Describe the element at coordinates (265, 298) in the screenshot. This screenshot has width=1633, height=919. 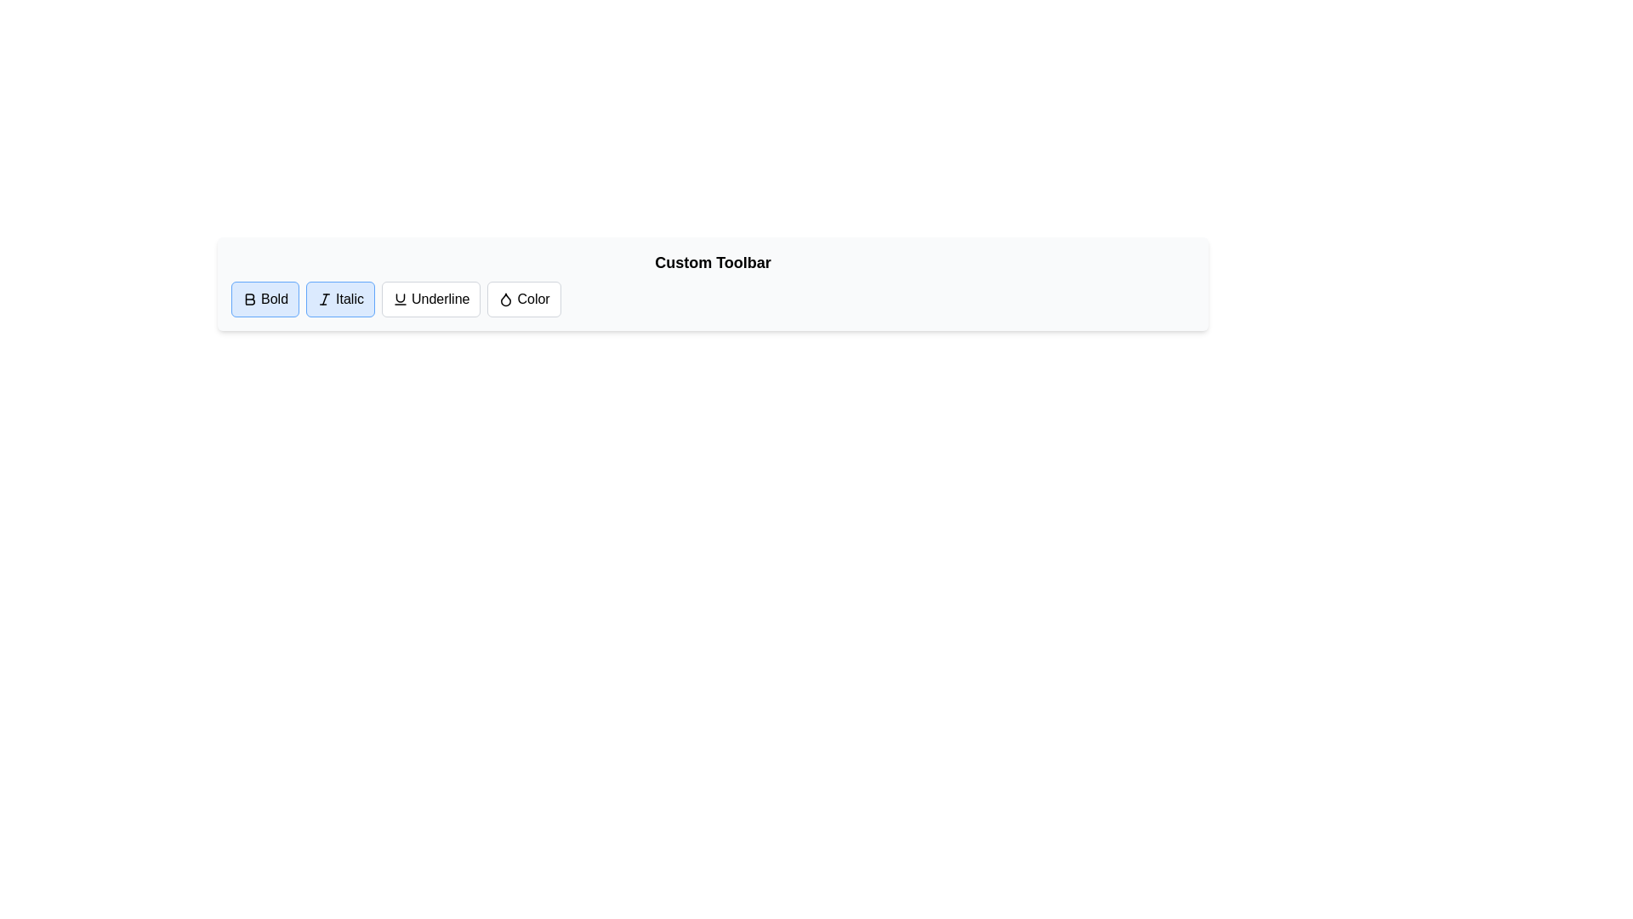
I see `the bold styling toggle button located at the leftmost position in the horizontal toolbar` at that location.